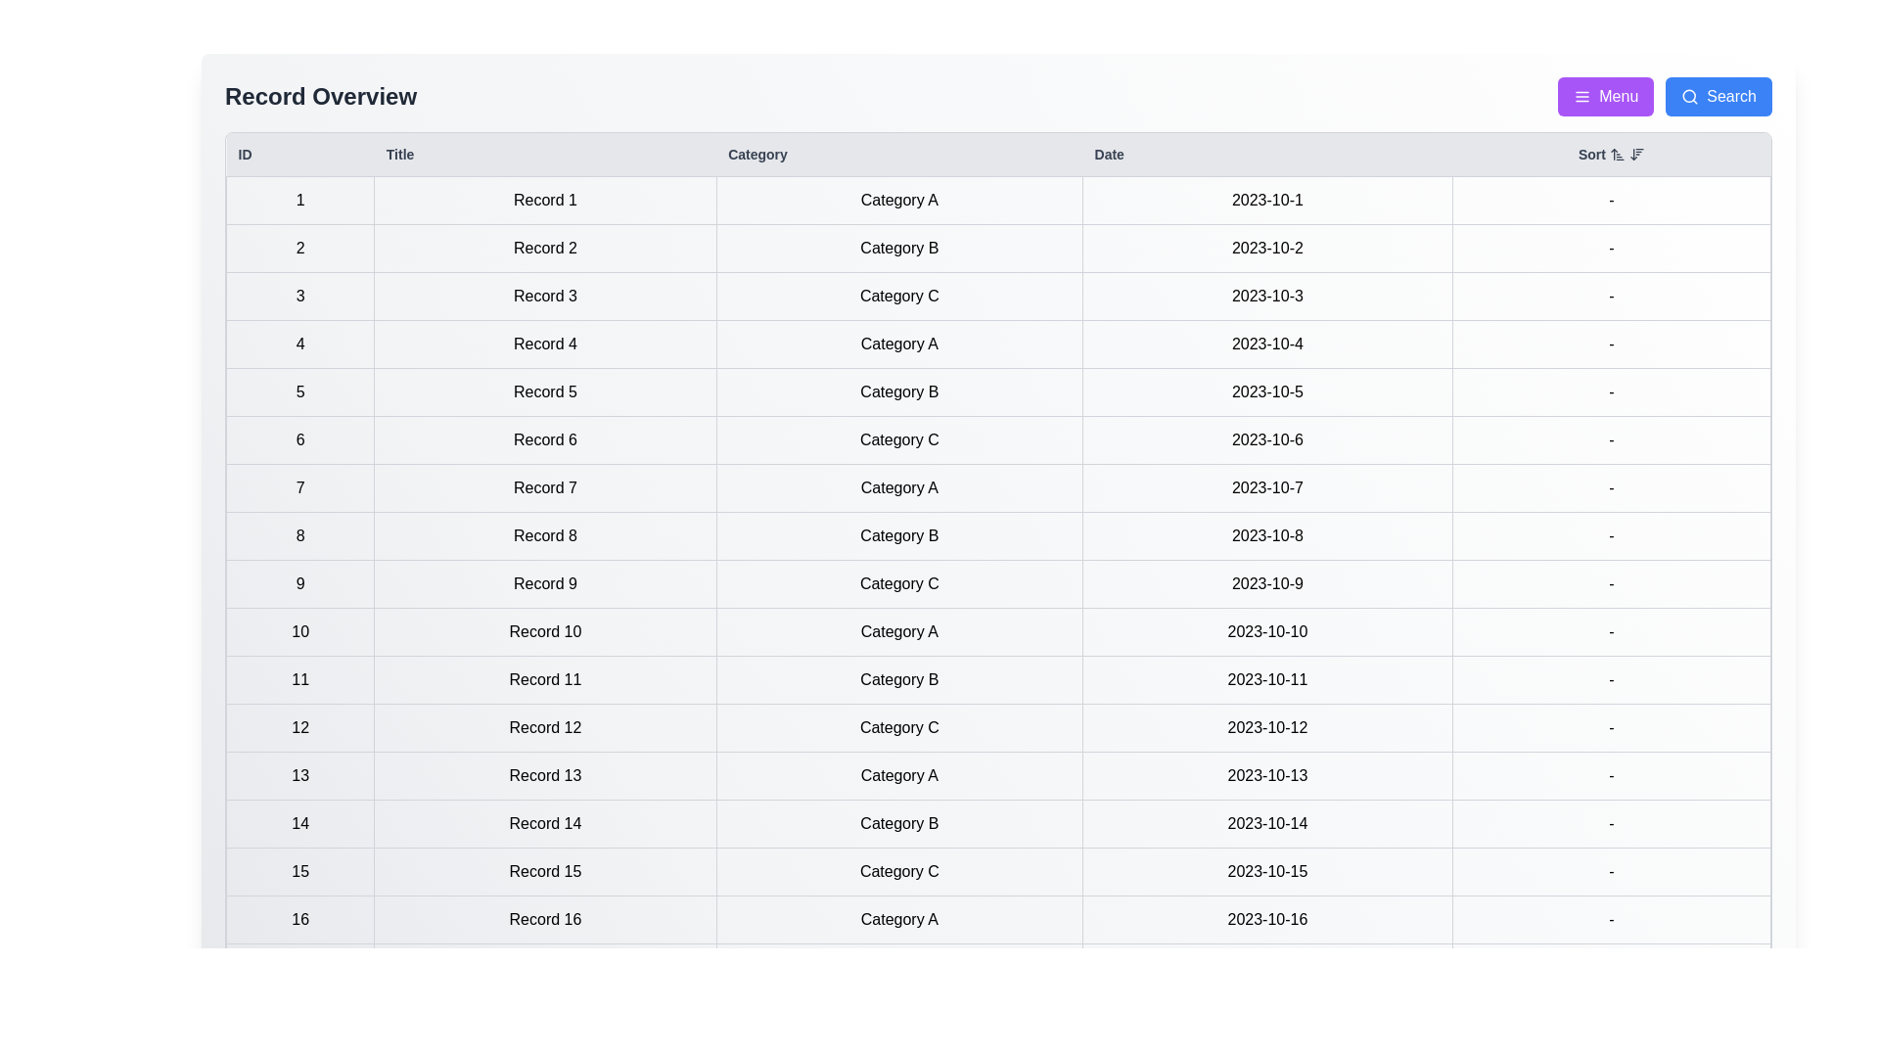 The image size is (1879, 1057). What do you see at coordinates (1606, 97) in the screenshot?
I see `the 'Menu' button to open the menu` at bounding box center [1606, 97].